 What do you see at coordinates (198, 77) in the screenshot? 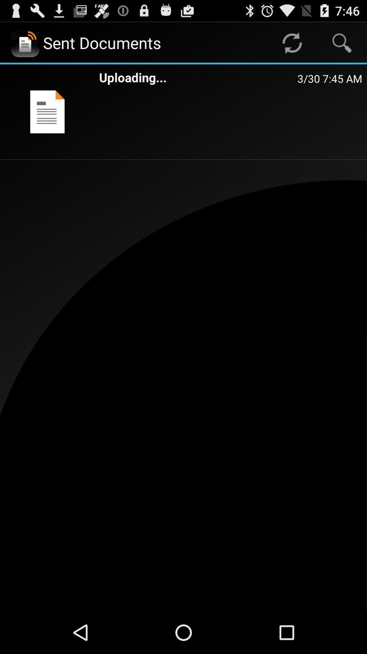
I see `uploading...` at bounding box center [198, 77].